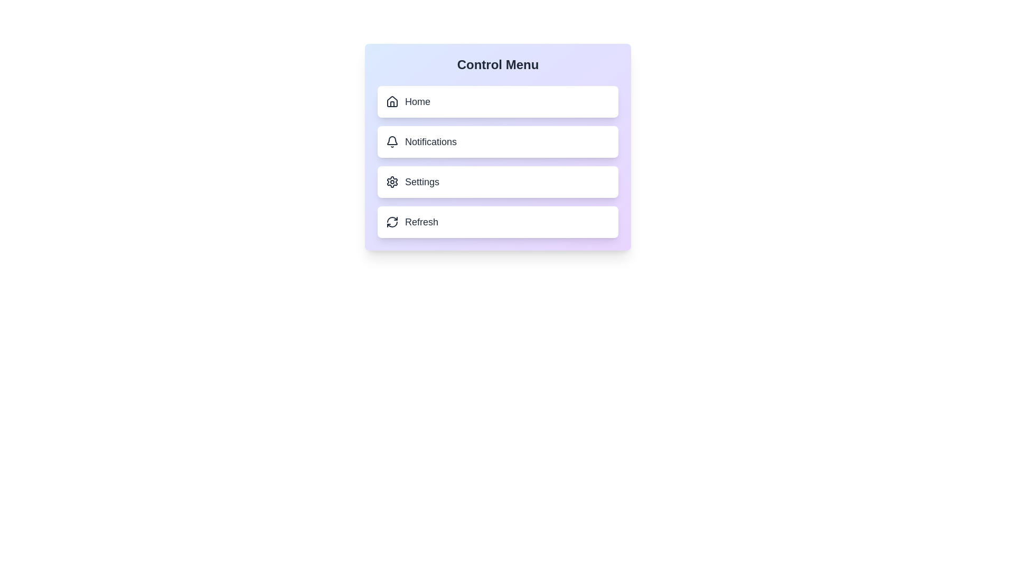  What do you see at coordinates (497, 181) in the screenshot?
I see `the Settings button to select the corresponding menu option` at bounding box center [497, 181].